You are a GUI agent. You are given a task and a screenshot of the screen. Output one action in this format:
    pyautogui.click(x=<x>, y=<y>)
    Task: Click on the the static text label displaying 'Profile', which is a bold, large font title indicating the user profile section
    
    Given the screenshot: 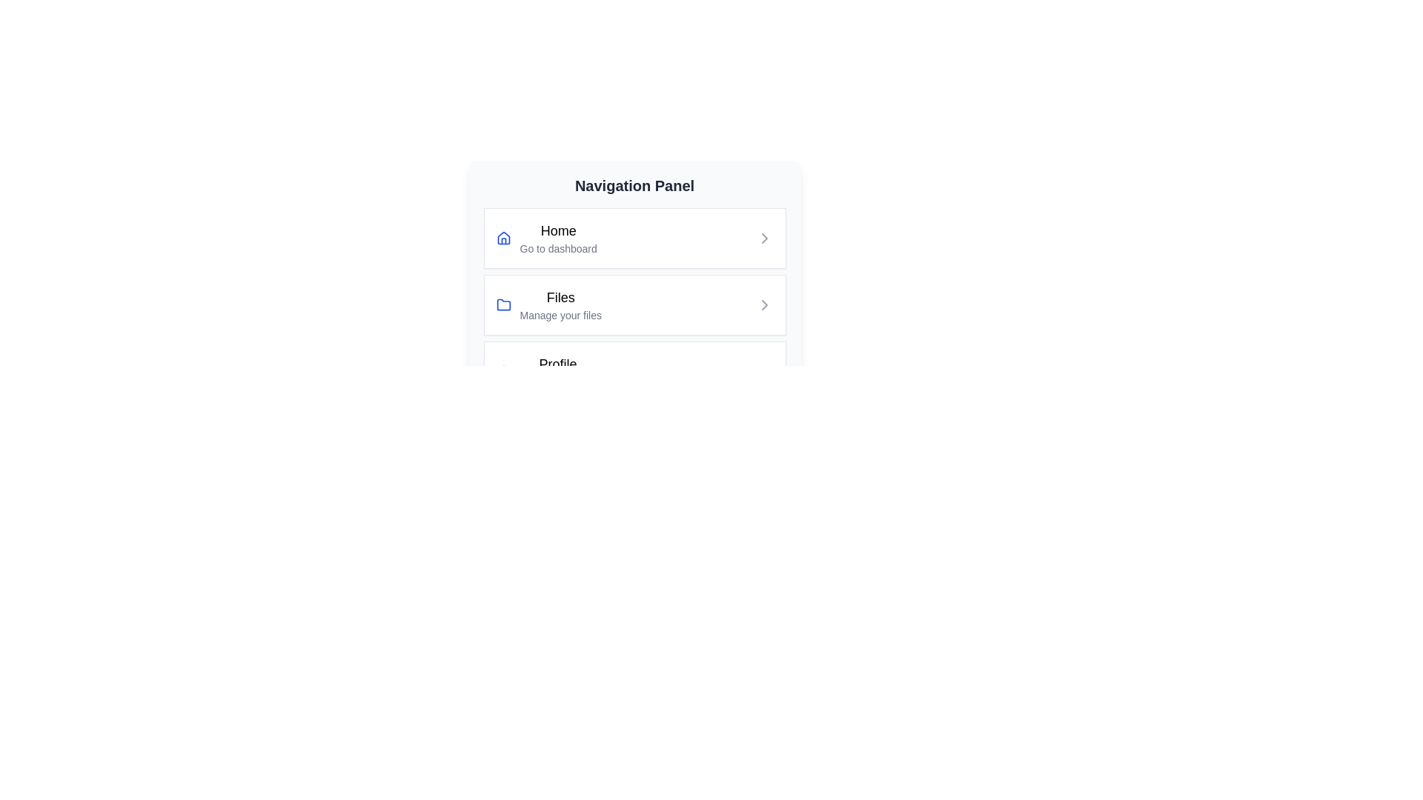 What is the action you would take?
    pyautogui.click(x=557, y=364)
    